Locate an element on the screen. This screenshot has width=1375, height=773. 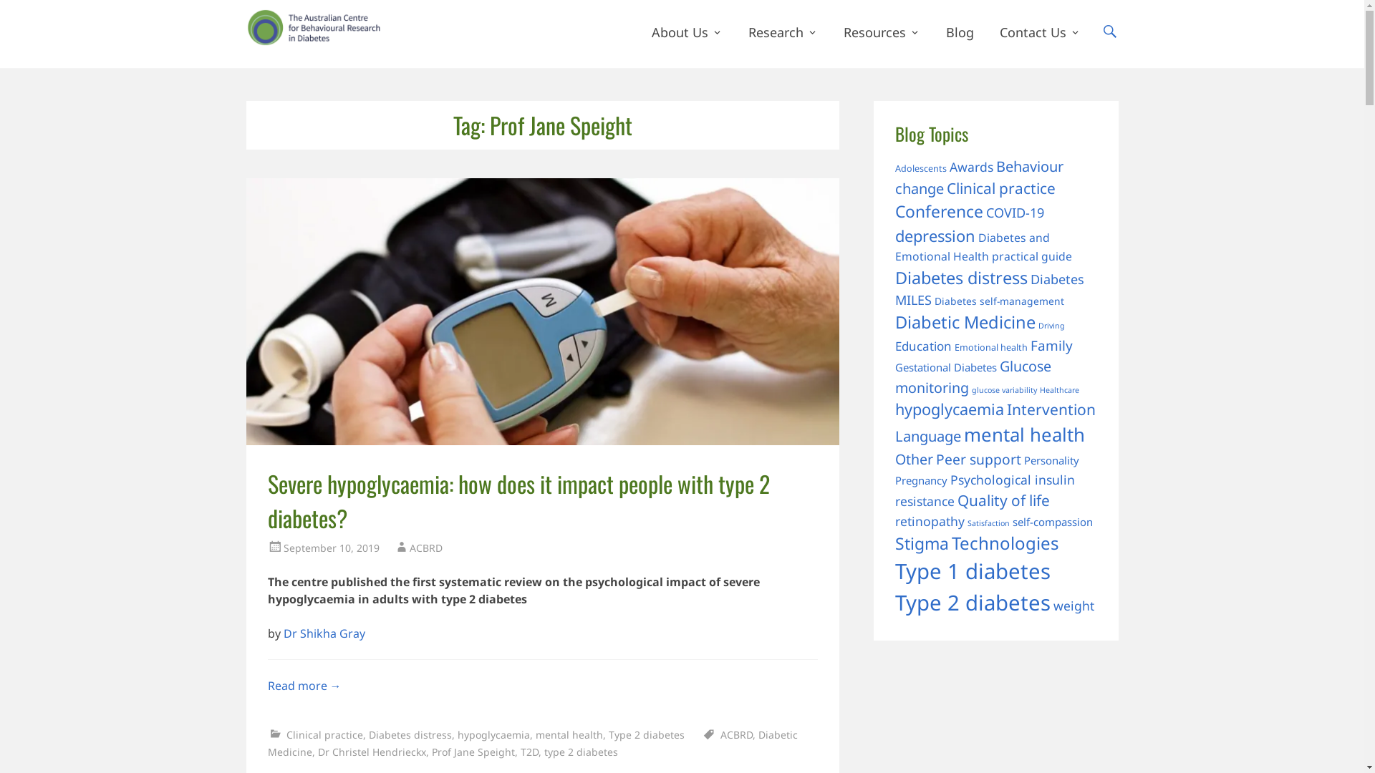
'Adolescents' is located at coordinates (894, 167).